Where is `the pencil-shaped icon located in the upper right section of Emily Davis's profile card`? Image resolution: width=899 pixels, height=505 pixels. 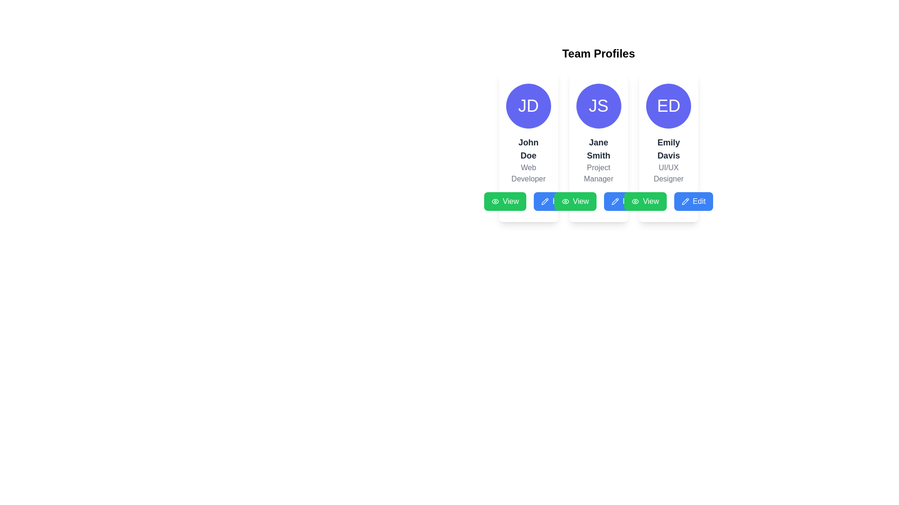
the pencil-shaped icon located in the upper right section of Emily Davis's profile card is located at coordinates (685, 201).